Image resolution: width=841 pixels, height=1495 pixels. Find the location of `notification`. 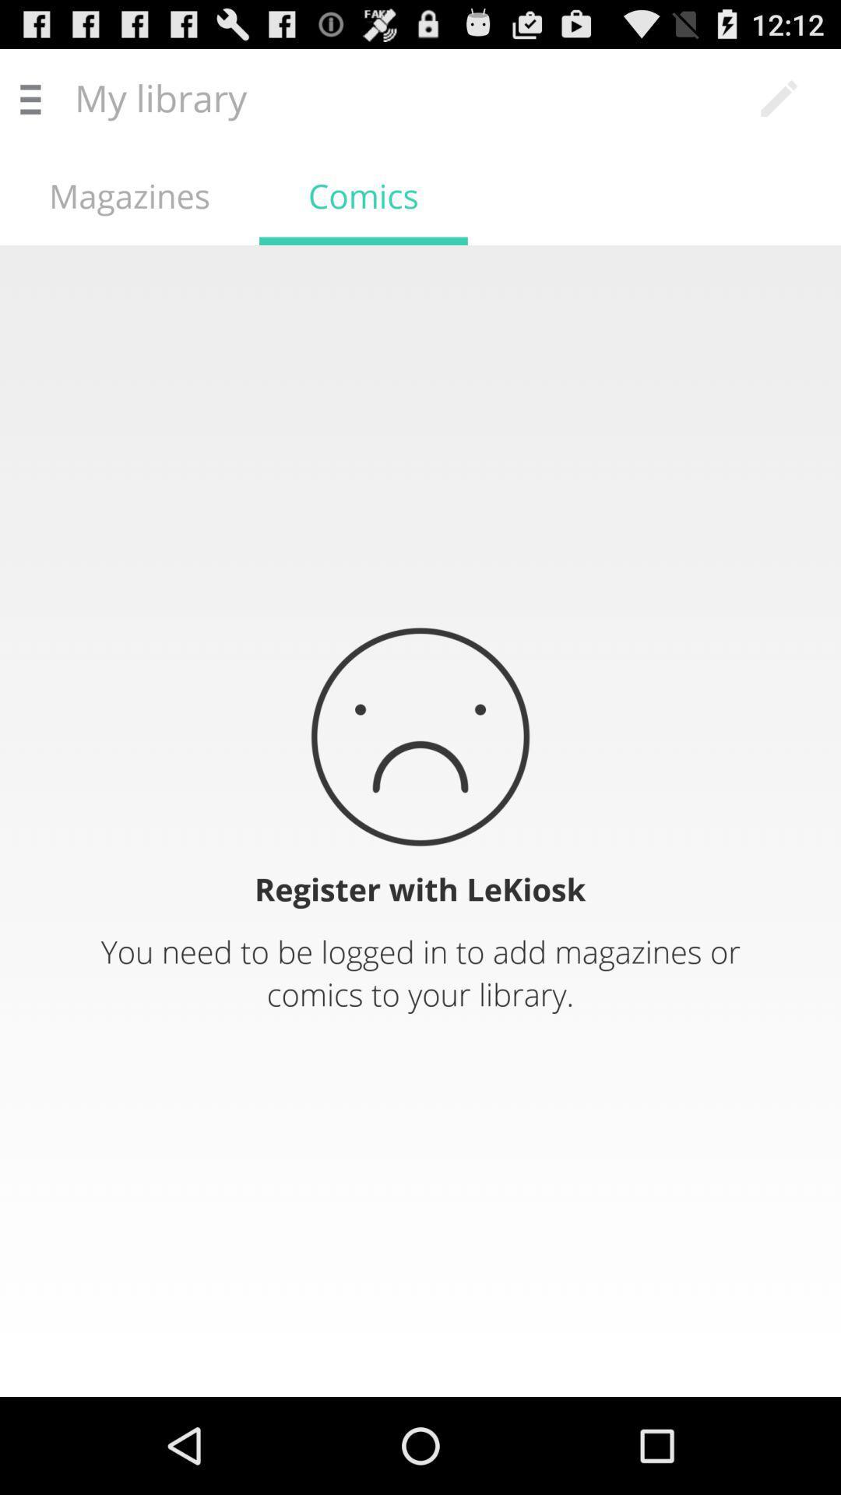

notification is located at coordinates (420, 820).